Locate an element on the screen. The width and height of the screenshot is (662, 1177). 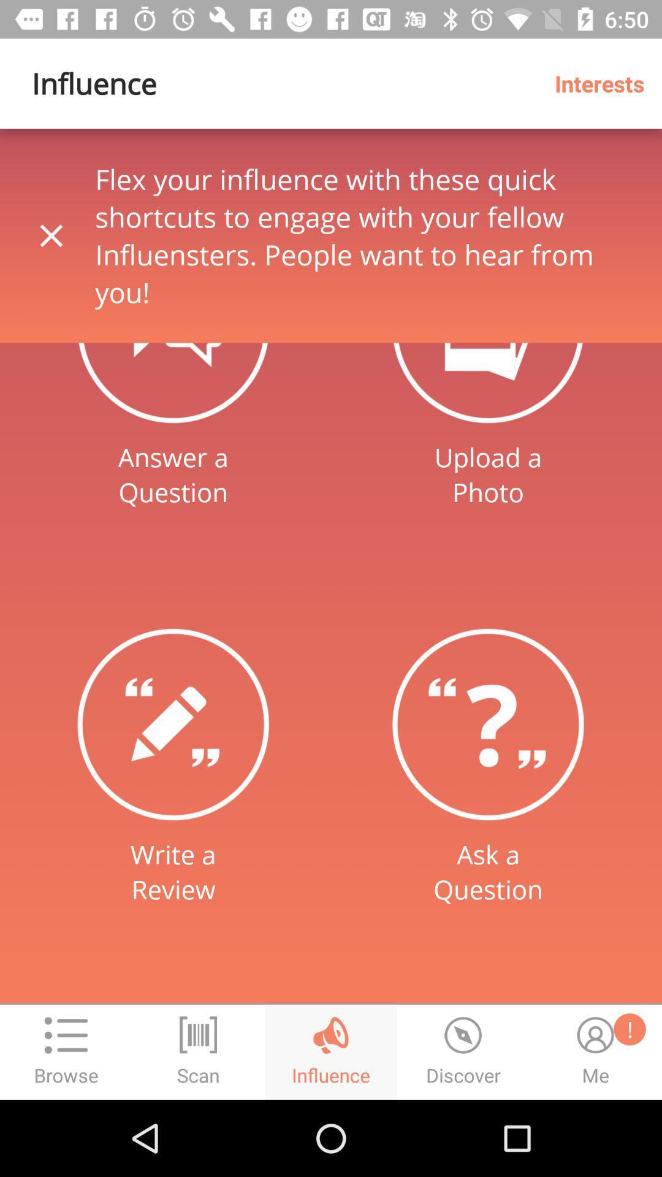
the close icon is located at coordinates (51, 235).